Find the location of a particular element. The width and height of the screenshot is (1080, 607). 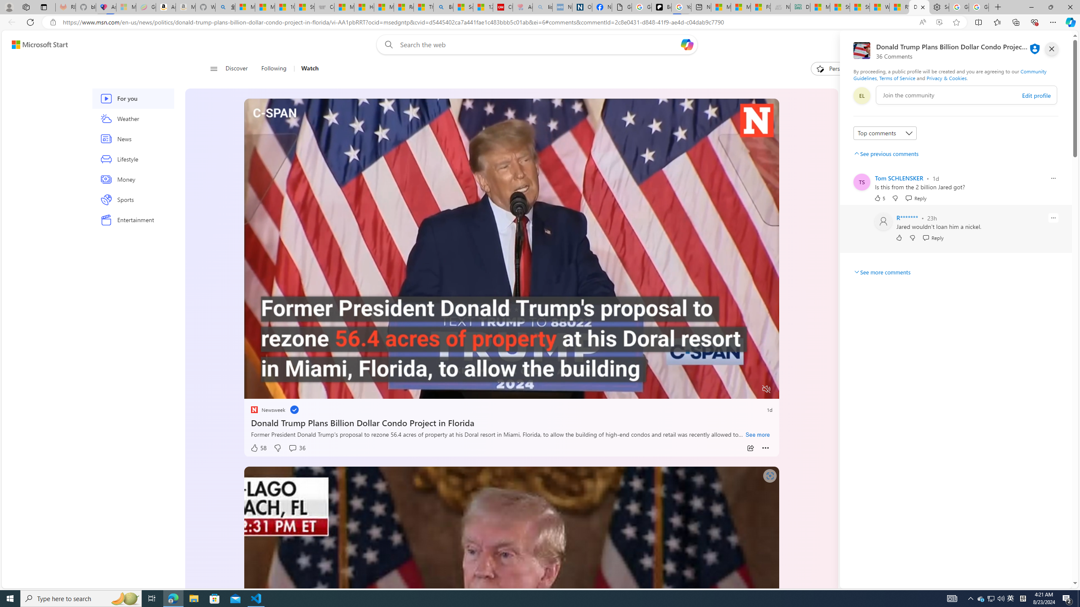

'Captions' is located at coordinates (733, 389).